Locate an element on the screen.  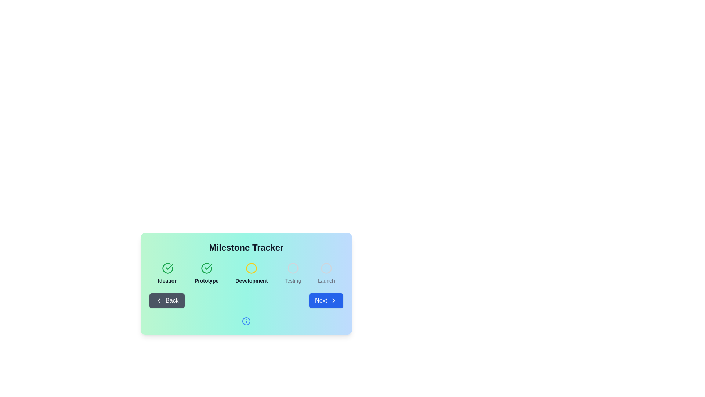
the Icon (Information) located centrally at the bottom of the highlighted interface is located at coordinates (246, 321).